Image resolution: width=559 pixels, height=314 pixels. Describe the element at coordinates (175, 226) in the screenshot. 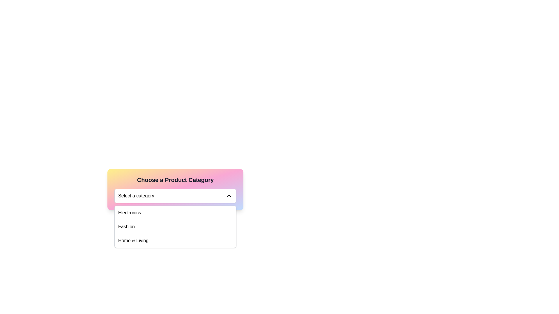

I see `to select the 'Fashion' category from the dropdown menu option, which is the second option under 'Choose a Product Category.'` at that location.